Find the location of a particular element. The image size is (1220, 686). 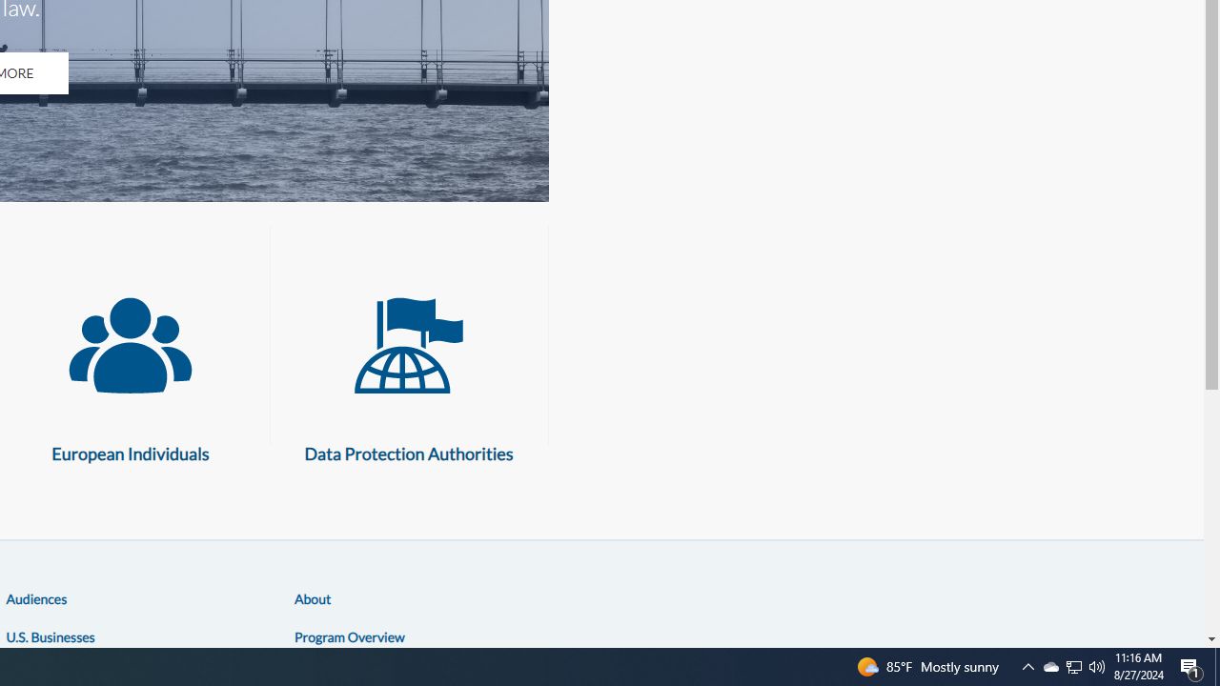

'Program Overview' is located at coordinates (349, 636).